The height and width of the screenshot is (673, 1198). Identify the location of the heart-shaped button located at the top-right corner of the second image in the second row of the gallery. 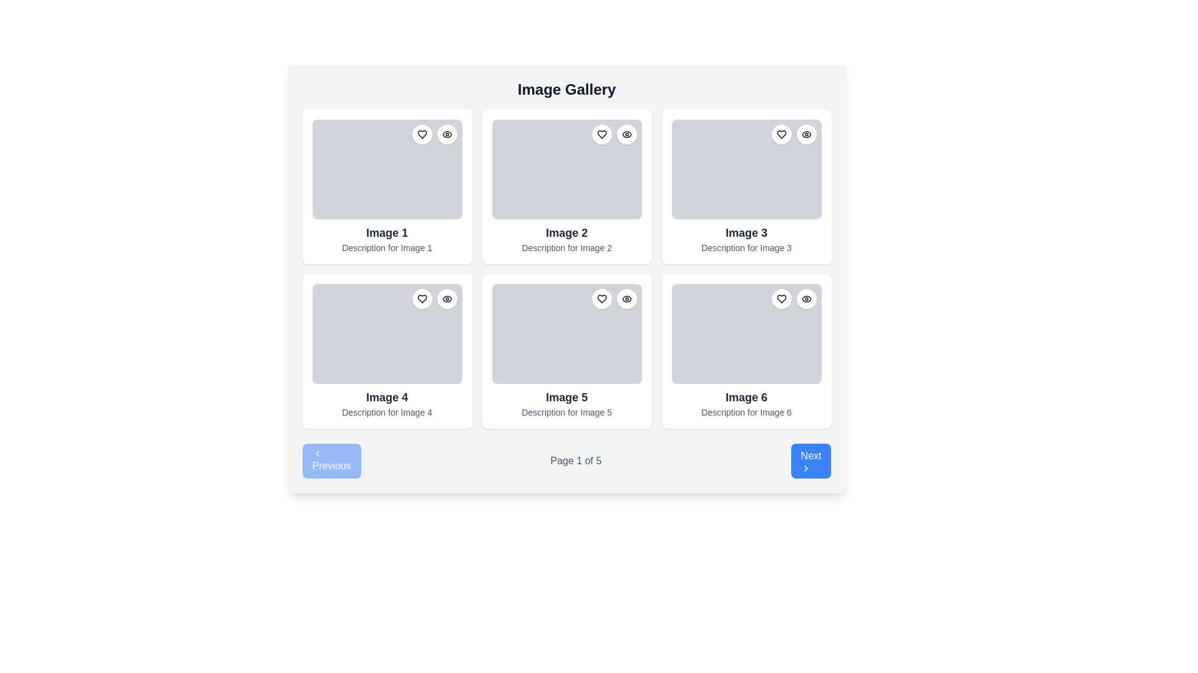
(601, 135).